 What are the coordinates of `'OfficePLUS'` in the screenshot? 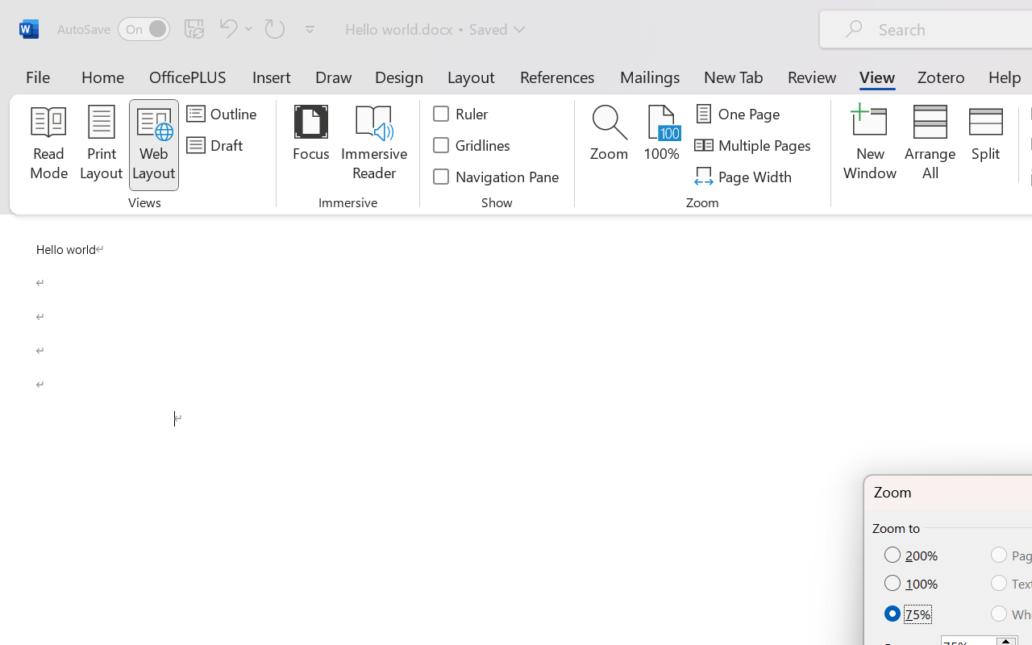 It's located at (188, 76).